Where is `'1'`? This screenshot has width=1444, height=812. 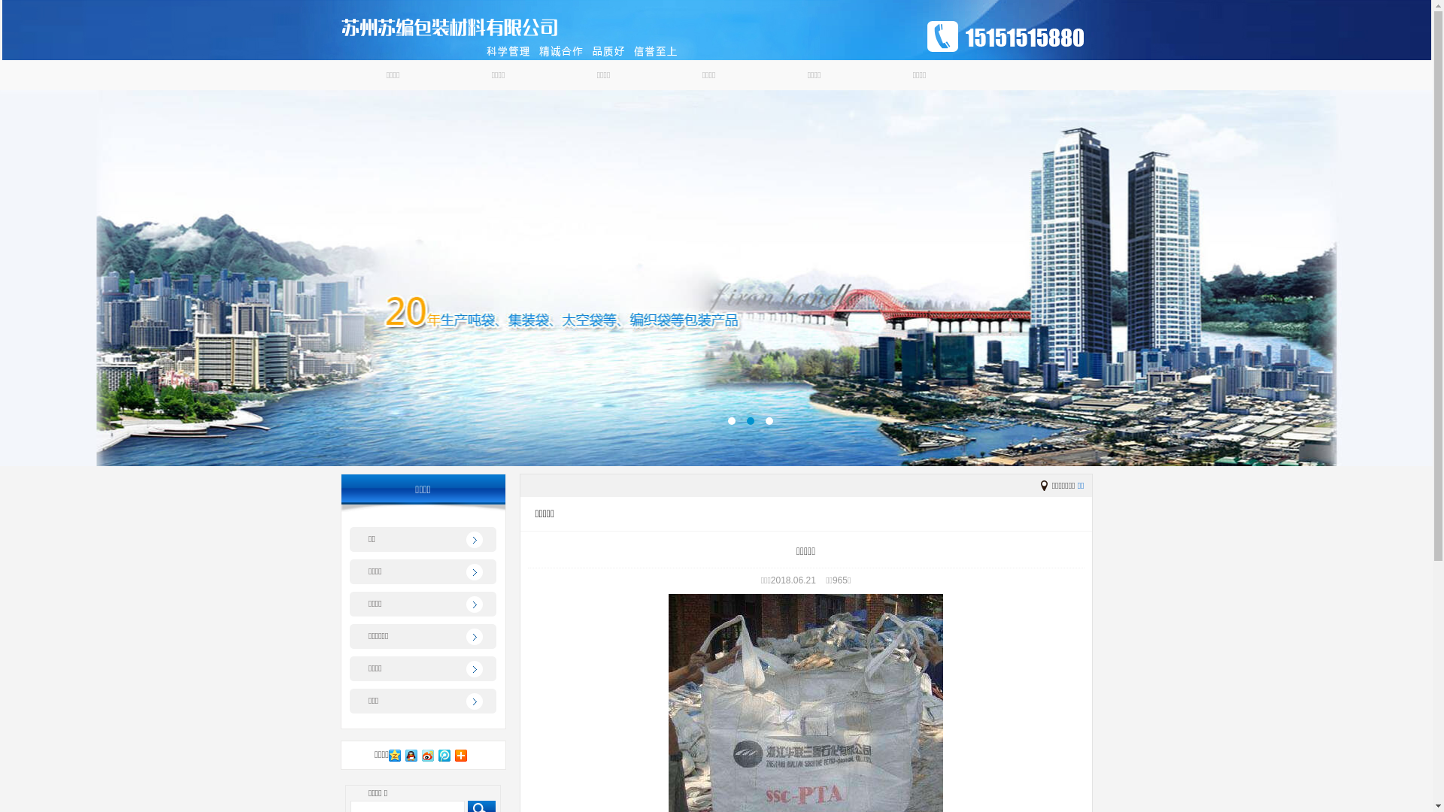 '1' is located at coordinates (732, 420).